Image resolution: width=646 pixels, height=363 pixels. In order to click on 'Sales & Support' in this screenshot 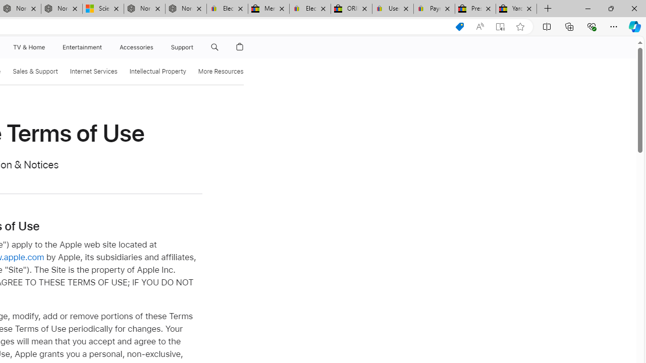, I will do `click(35, 71)`.